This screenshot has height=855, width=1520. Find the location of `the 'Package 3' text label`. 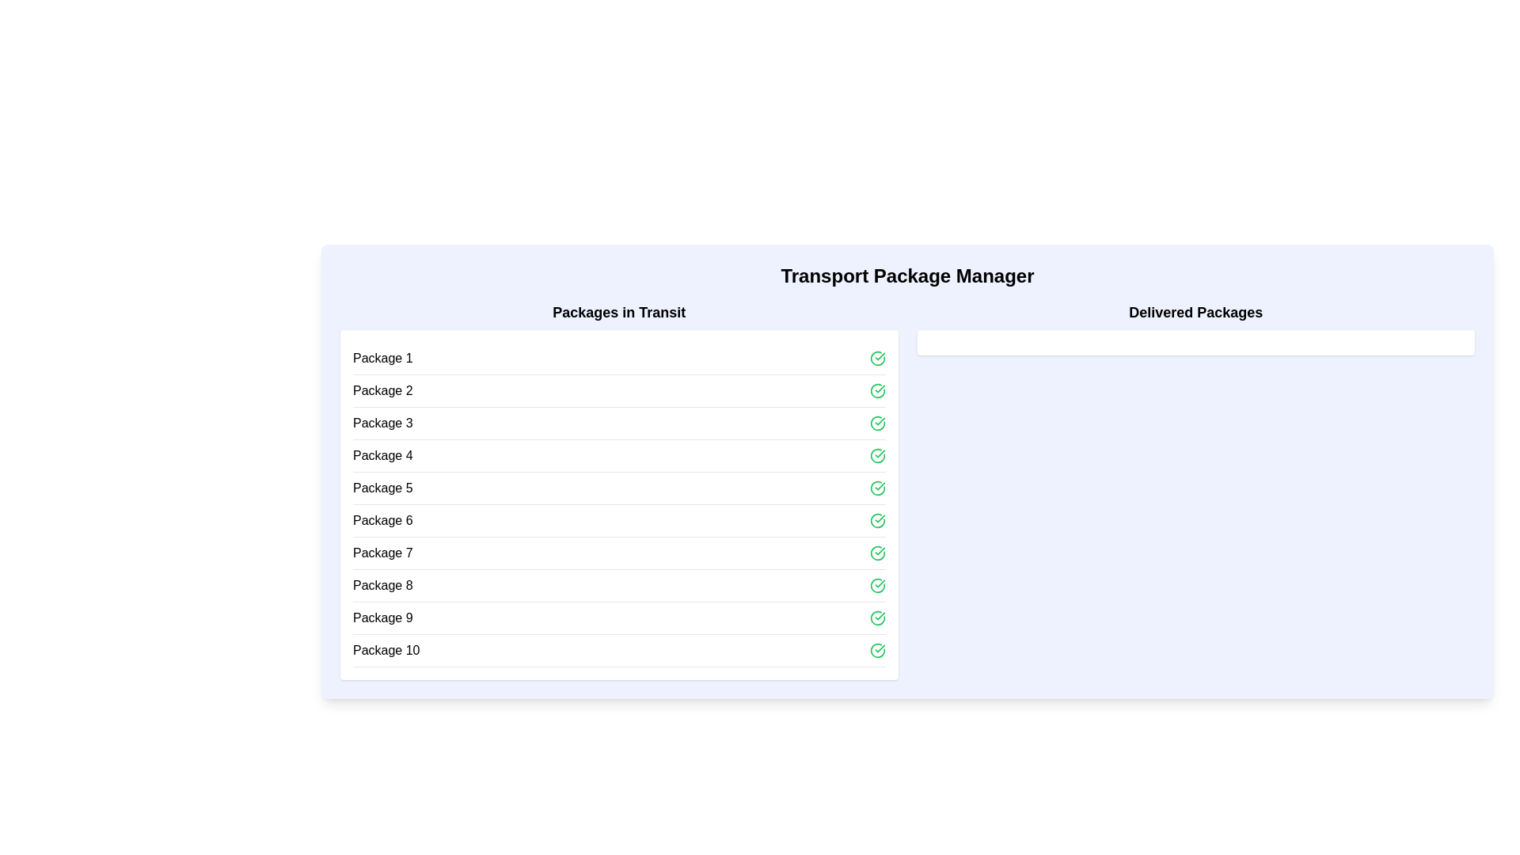

the 'Package 3' text label is located at coordinates (382, 423).